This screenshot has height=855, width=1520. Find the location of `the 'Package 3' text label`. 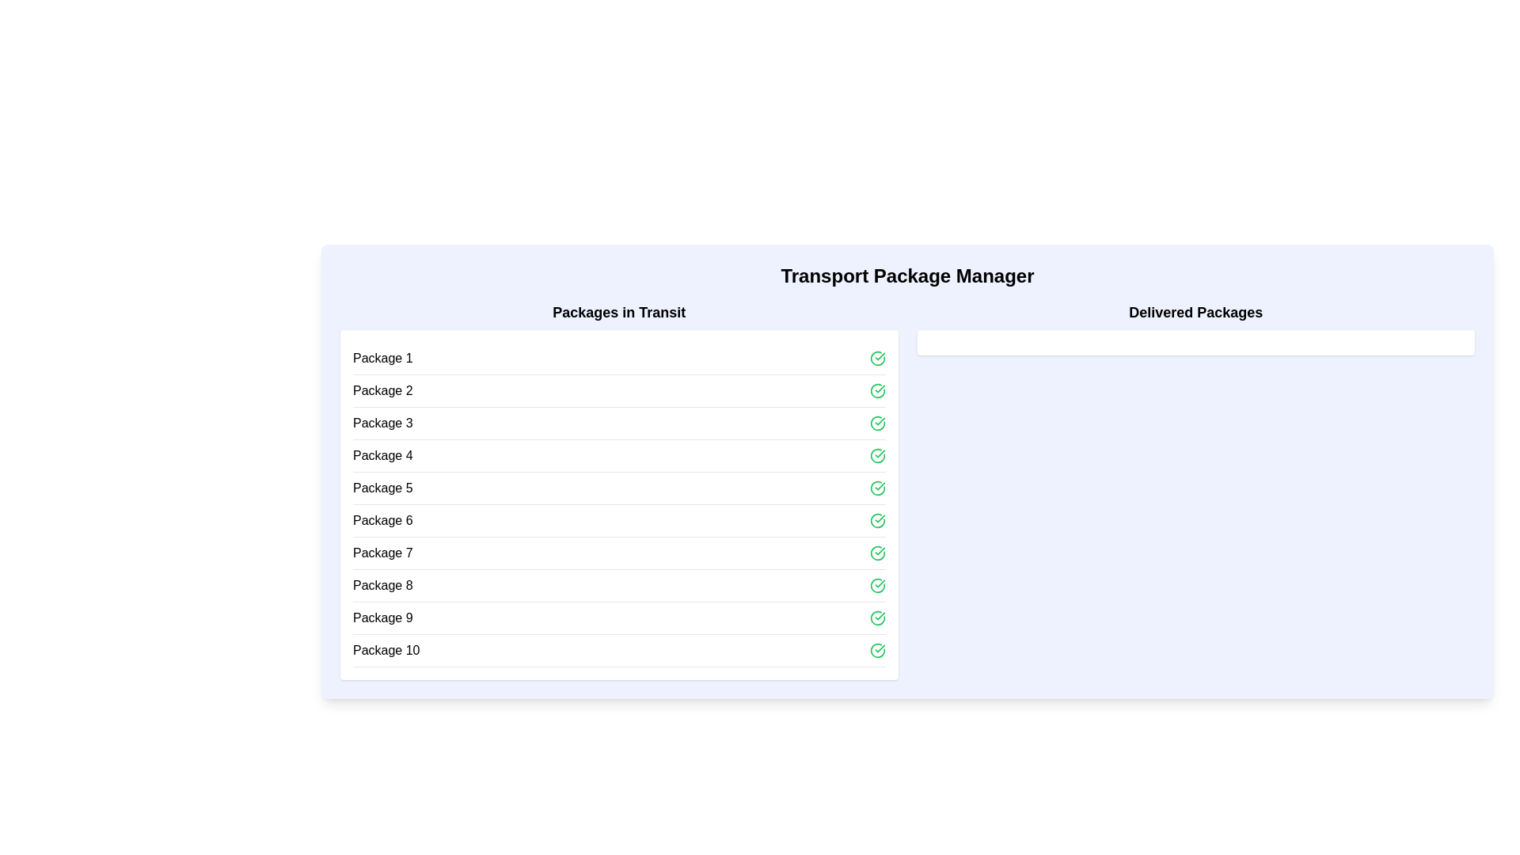

the 'Package 3' text label is located at coordinates (382, 423).